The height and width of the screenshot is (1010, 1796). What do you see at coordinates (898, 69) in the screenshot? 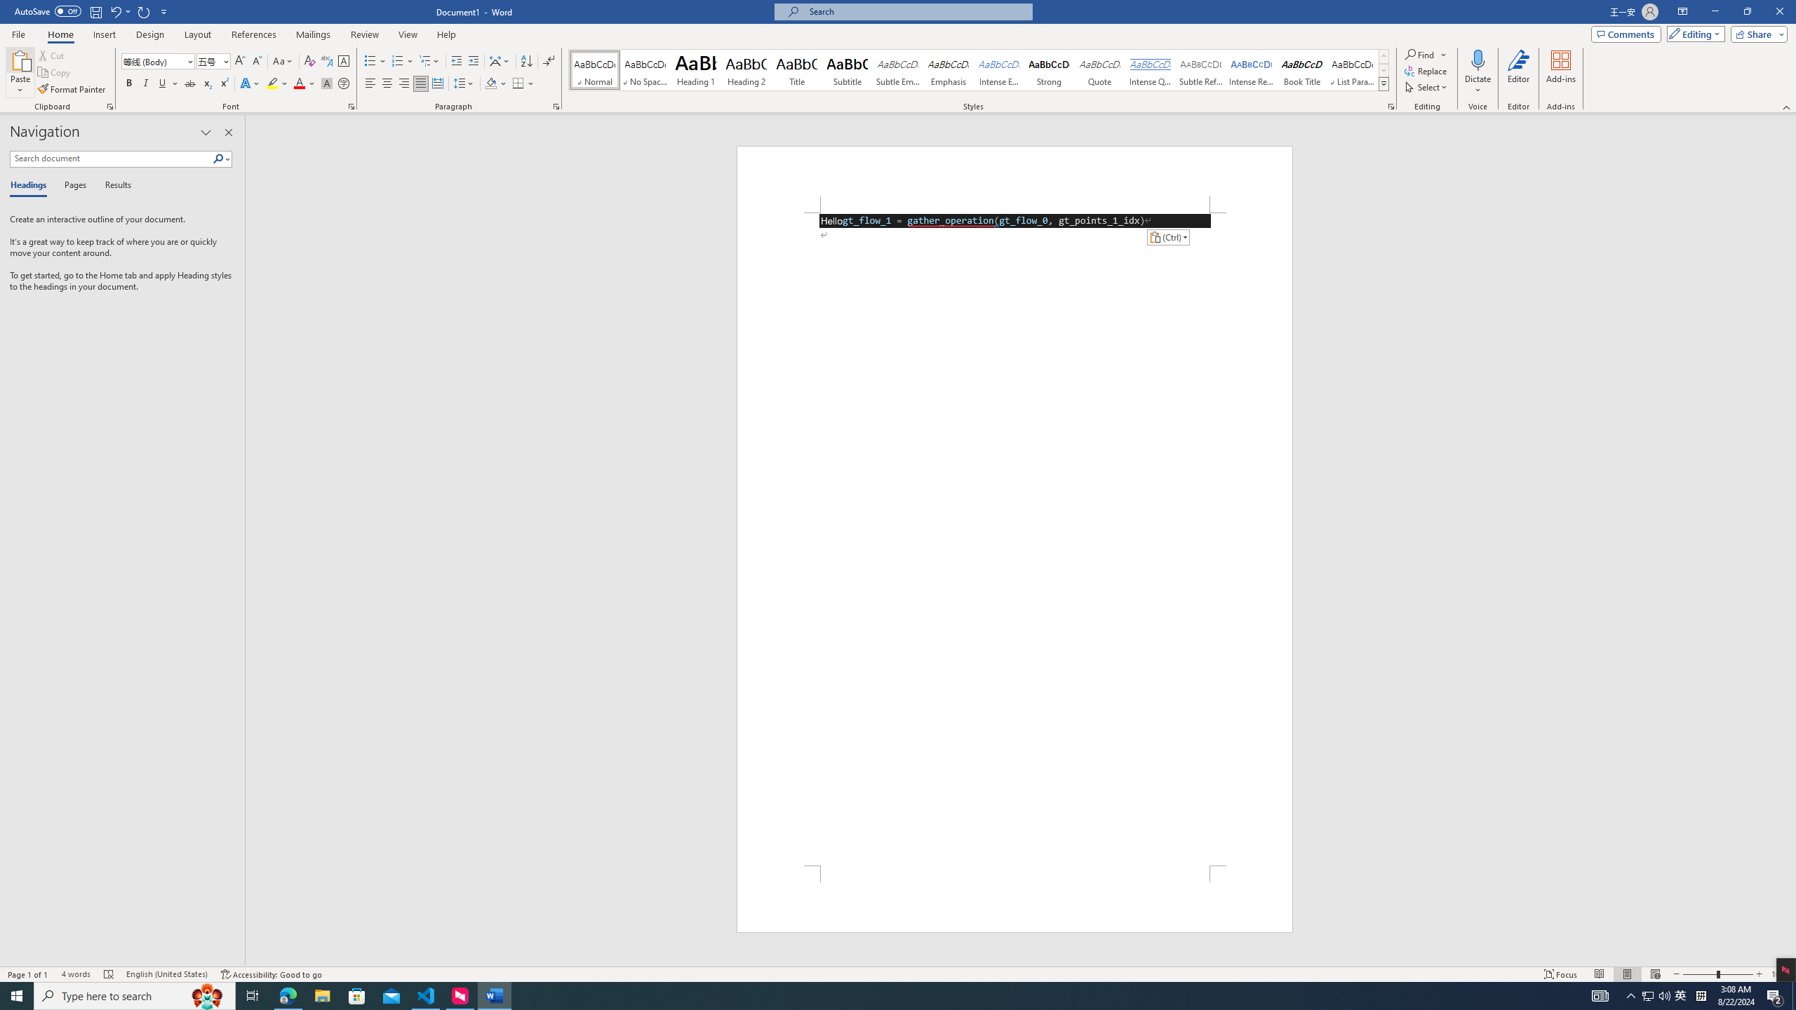
I see `'Subtle Emphasis'` at bounding box center [898, 69].